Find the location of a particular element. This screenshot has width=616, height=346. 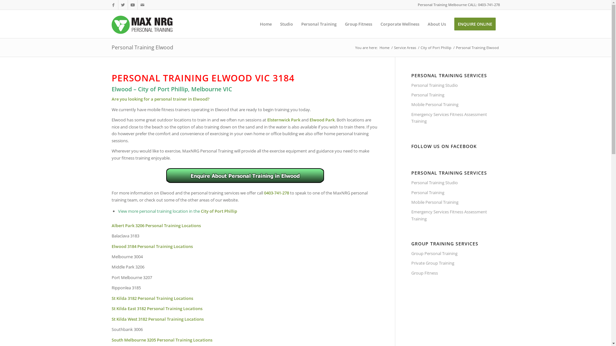

'St Kilda 3182 Personal Training Locations' is located at coordinates (152, 298).